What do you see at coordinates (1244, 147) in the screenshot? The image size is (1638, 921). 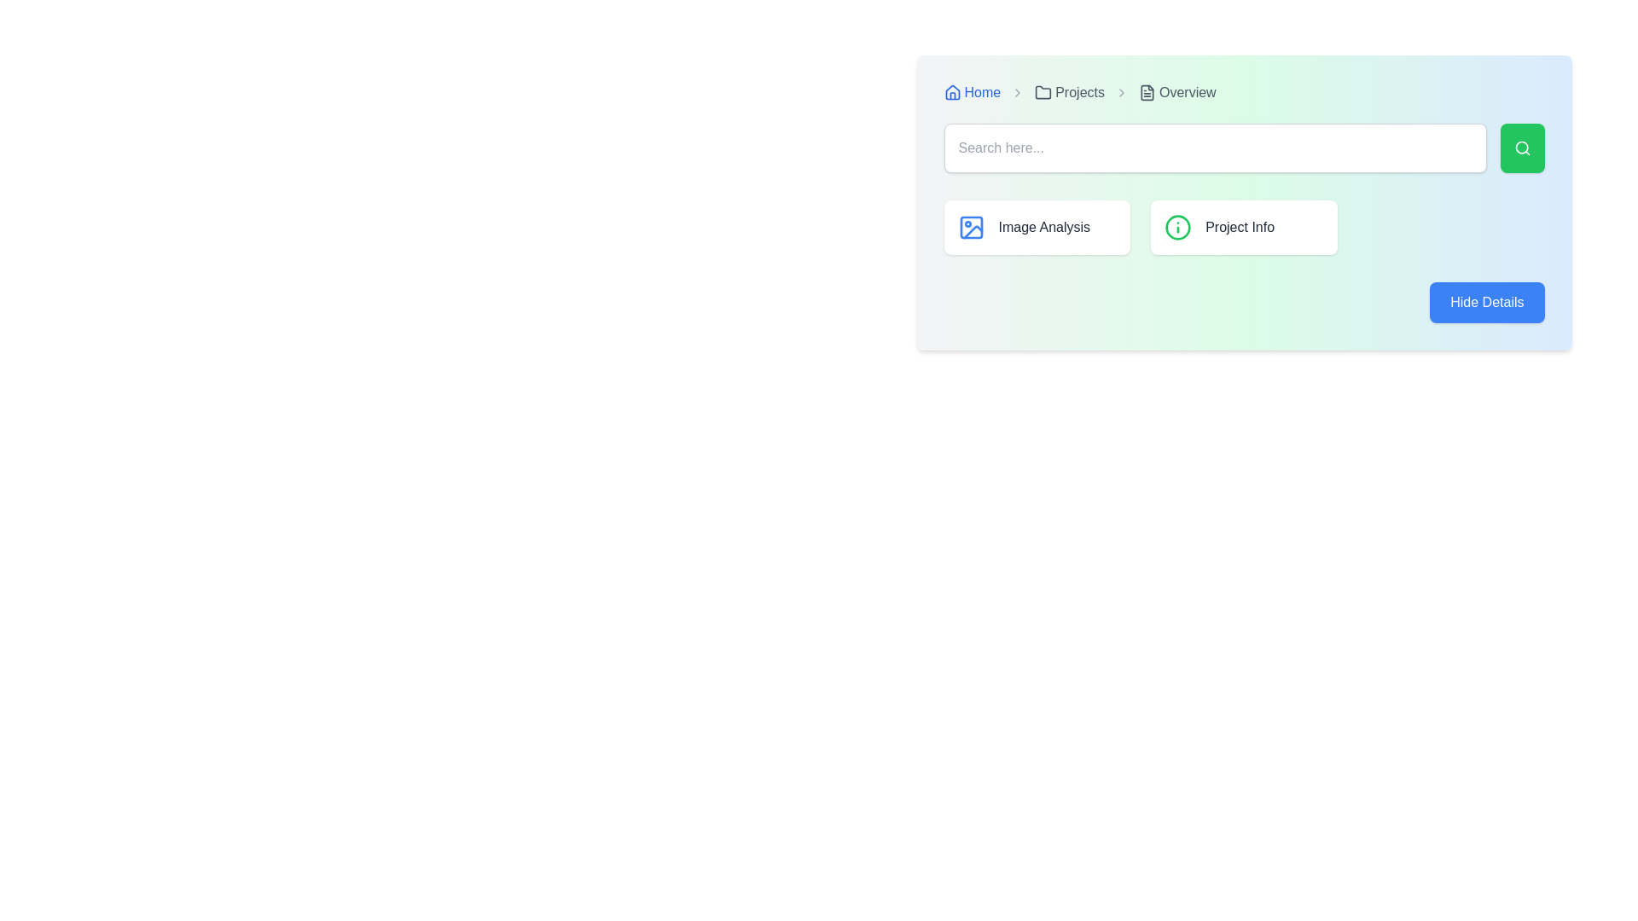 I see `the Search bar input field located at the center of the section under the breadcrumb navigation` at bounding box center [1244, 147].